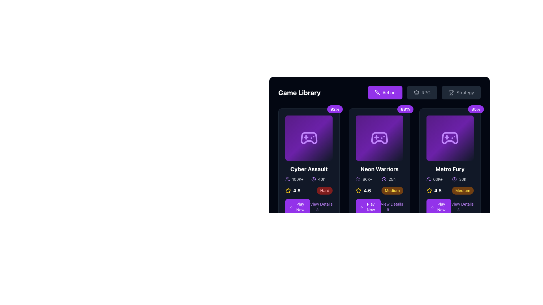 The image size is (543, 305). I want to click on the star icon representing the game rating for 'Metro Fury', located immediately to the left of the rating value '4.5', so click(429, 191).